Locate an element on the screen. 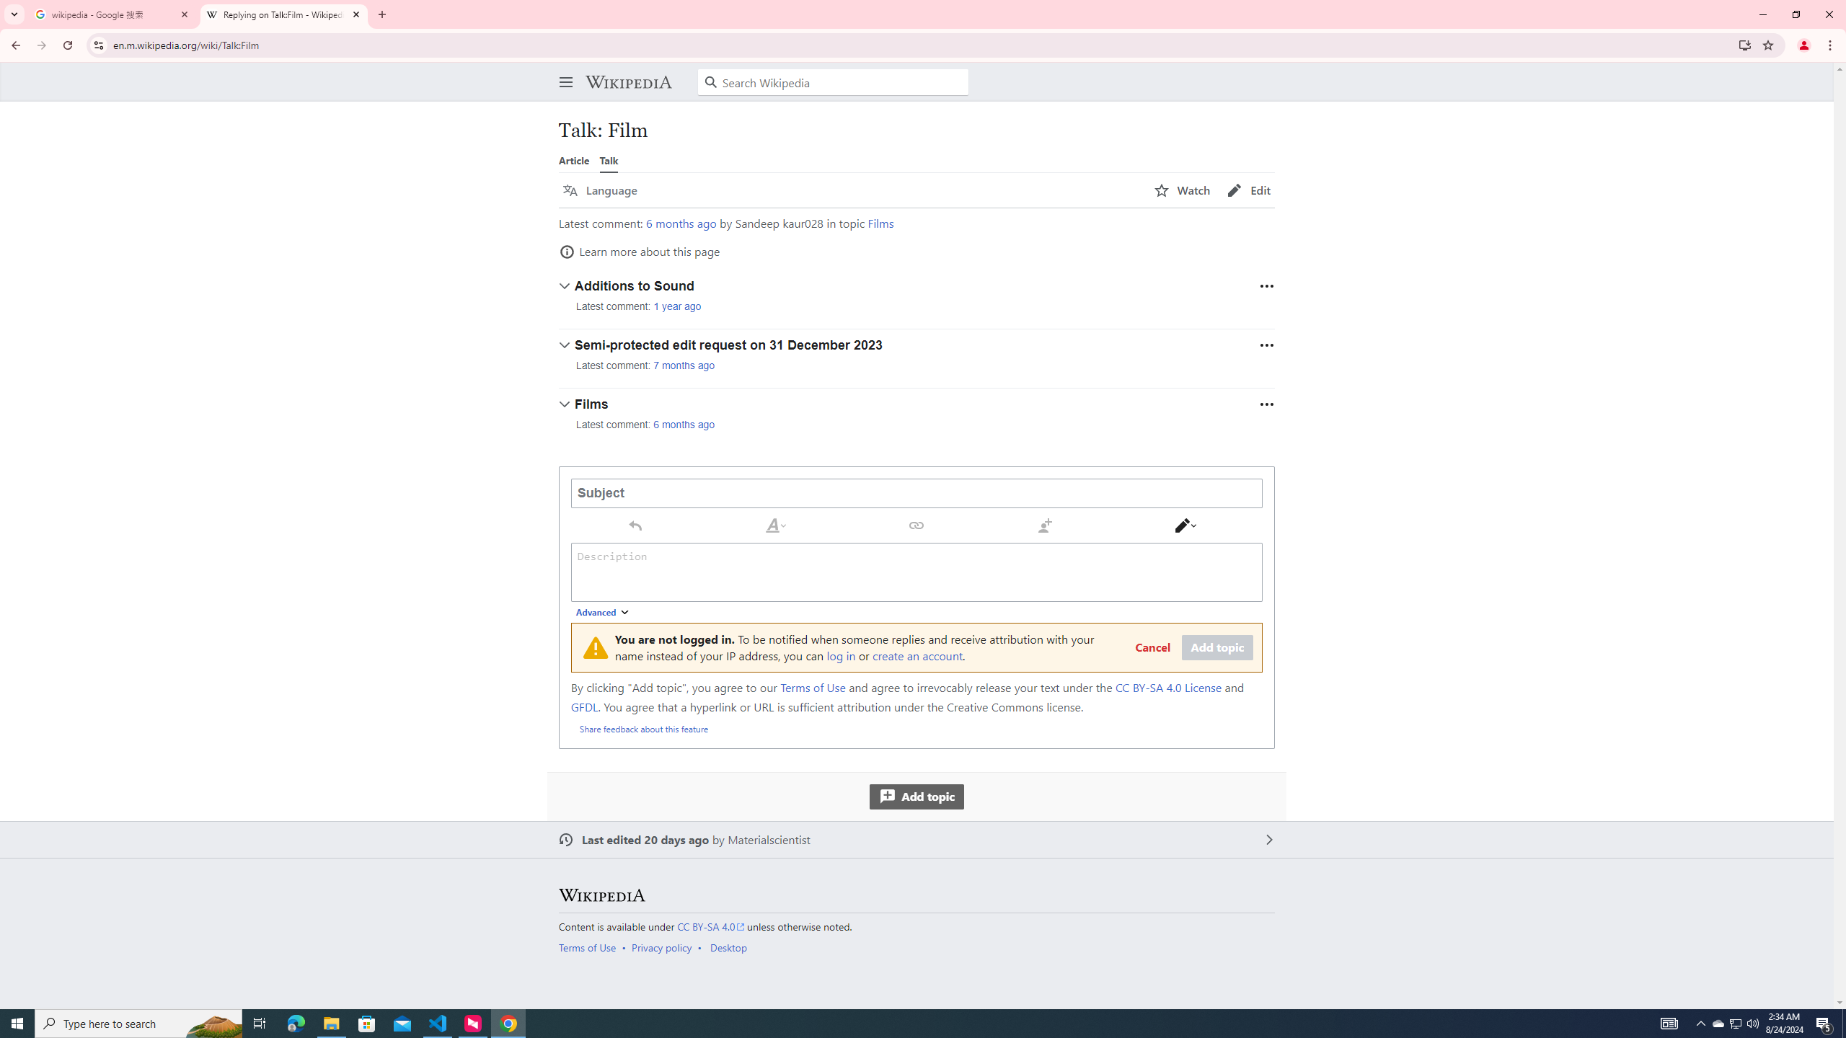 The image size is (1846, 1038). 'Article' is located at coordinates (573, 160).